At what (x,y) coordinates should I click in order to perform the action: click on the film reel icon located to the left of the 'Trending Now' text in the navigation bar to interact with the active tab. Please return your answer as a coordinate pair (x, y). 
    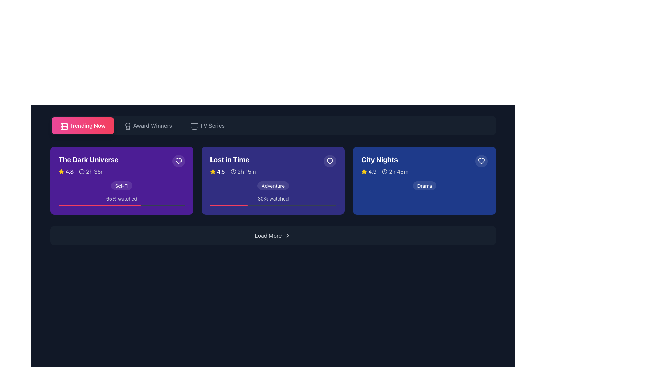
    Looking at the image, I should click on (64, 126).